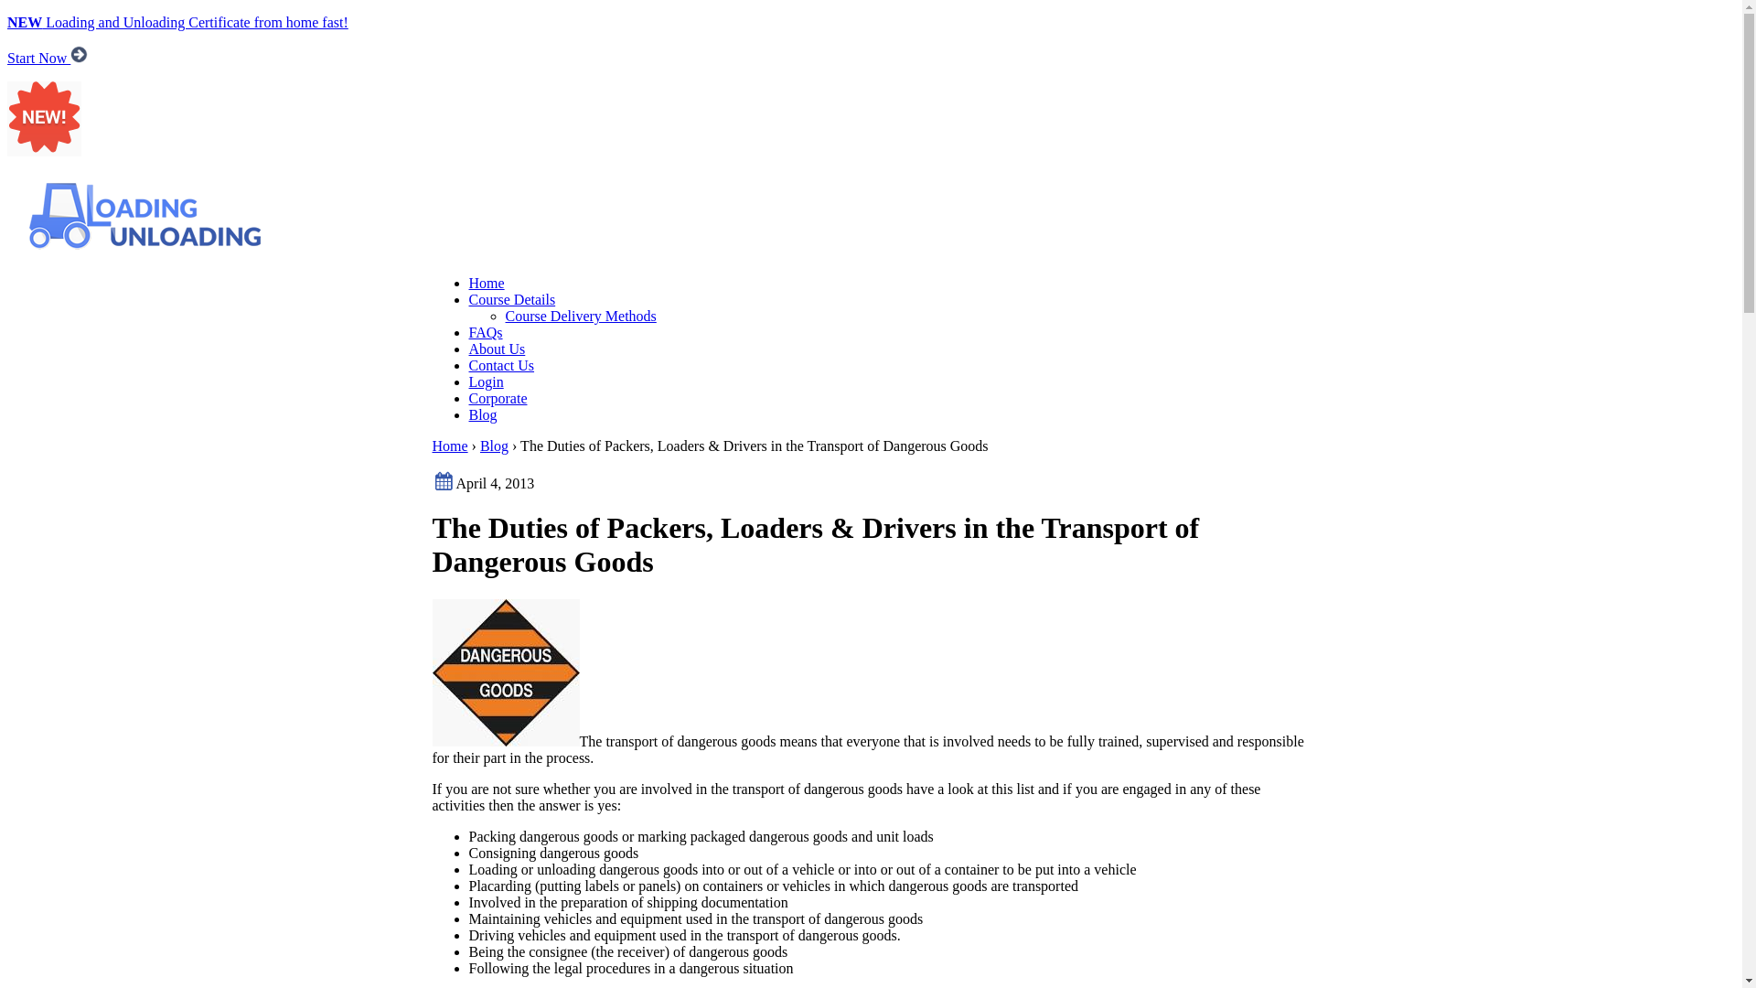 The width and height of the screenshot is (1756, 988). Describe the element at coordinates (485, 332) in the screenshot. I see `'FAQs'` at that location.